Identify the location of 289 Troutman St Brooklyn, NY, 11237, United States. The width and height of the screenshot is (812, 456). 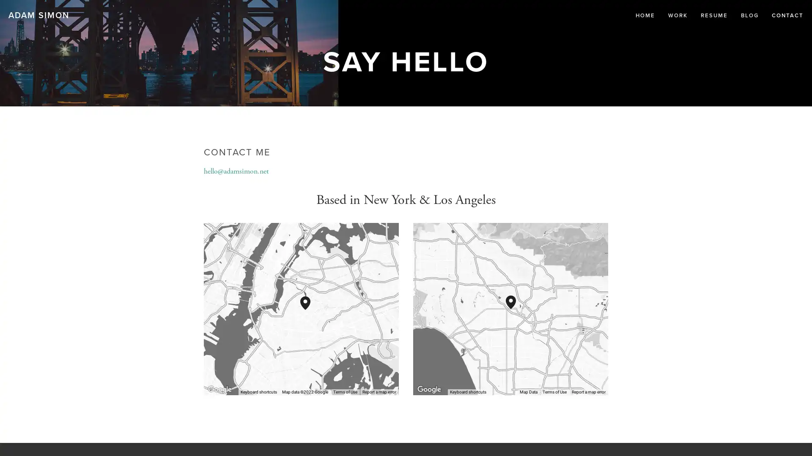
(310, 309).